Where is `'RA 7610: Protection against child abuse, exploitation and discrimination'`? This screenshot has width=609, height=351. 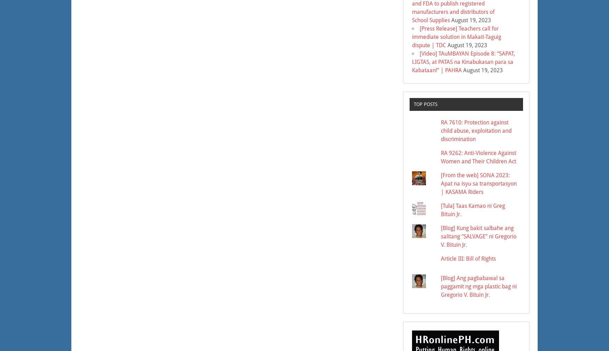 'RA 7610: Protection against child abuse, exploitation and discrimination' is located at coordinates (441, 130).